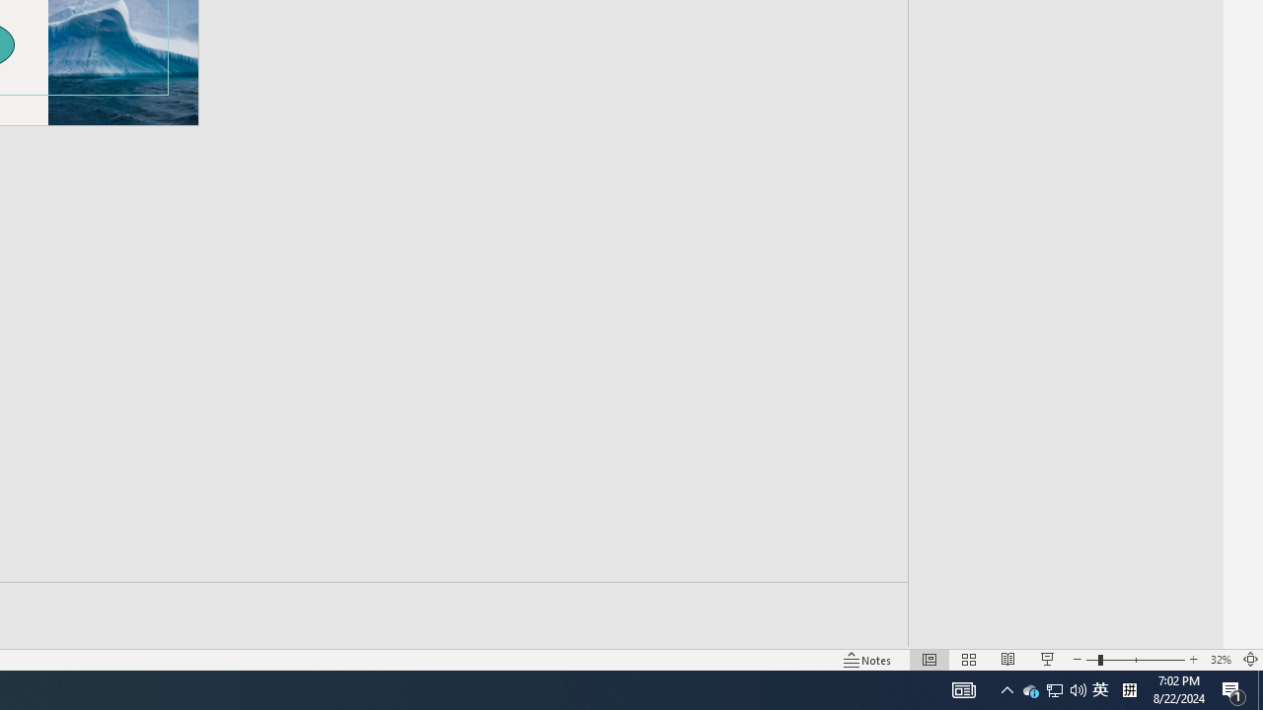 Image resolution: width=1263 pixels, height=710 pixels. I want to click on 'Zoom 32%', so click(1220, 660).